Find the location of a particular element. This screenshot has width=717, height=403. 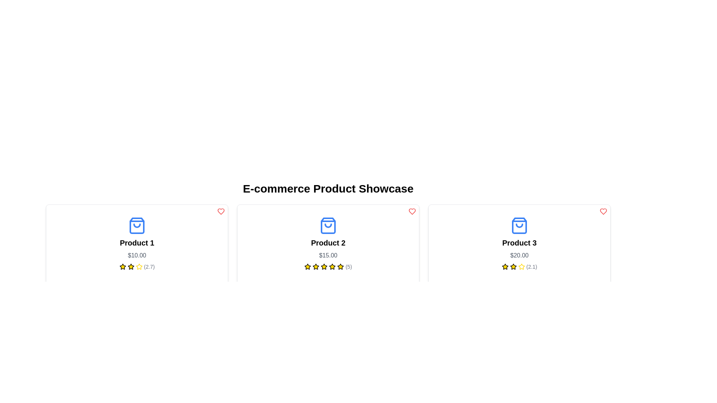

the second star-shaped icon in the rating section below the product description for 'Product 3' is located at coordinates (513, 266).